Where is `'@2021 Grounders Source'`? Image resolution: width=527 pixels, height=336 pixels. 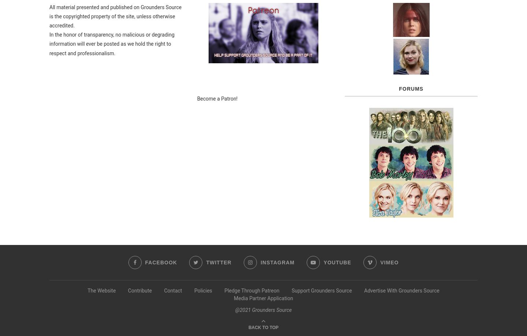
'@2021 Grounders Source' is located at coordinates (263, 309).